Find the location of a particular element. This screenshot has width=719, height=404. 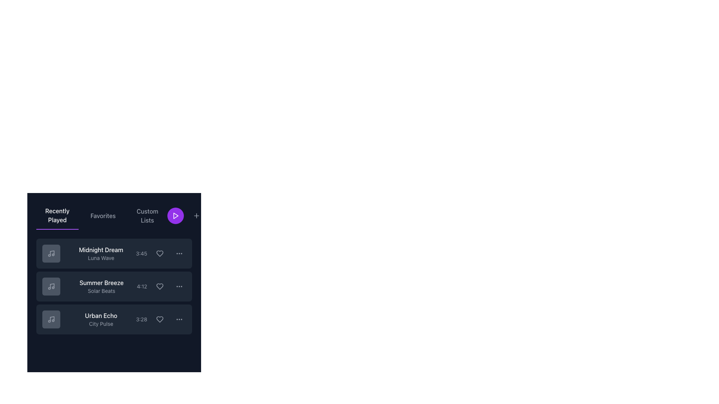

the gray musical note icon representing the song 'Midnight Dream' by Luna Wave, located in the list of recently played items is located at coordinates (51, 253).